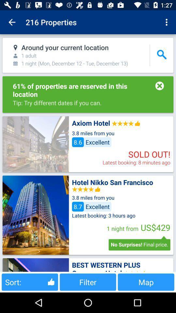 This screenshot has width=176, height=313. What do you see at coordinates (167, 22) in the screenshot?
I see `item next to 216 properties` at bounding box center [167, 22].